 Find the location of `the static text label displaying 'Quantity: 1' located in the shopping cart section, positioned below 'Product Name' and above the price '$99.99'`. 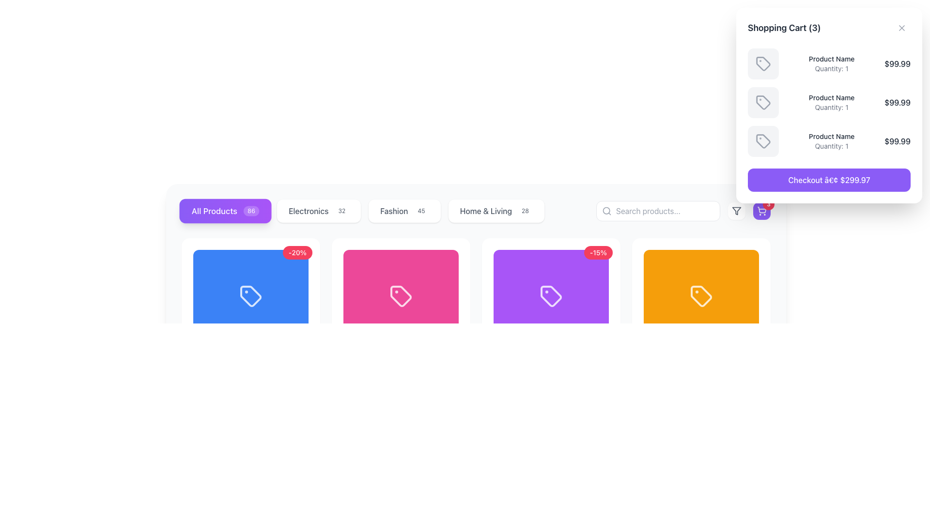

the static text label displaying 'Quantity: 1' located in the shopping cart section, positioned below 'Product Name' and above the price '$99.99' is located at coordinates (831, 146).